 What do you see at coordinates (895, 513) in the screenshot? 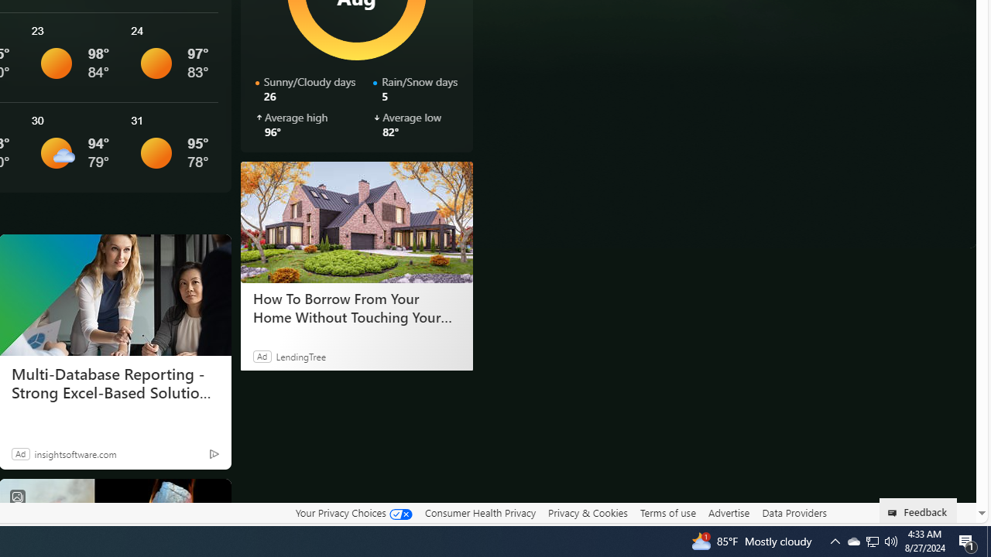
I see `'Class: feedback_link_icon-DS-EntryPoint1-1'` at bounding box center [895, 513].